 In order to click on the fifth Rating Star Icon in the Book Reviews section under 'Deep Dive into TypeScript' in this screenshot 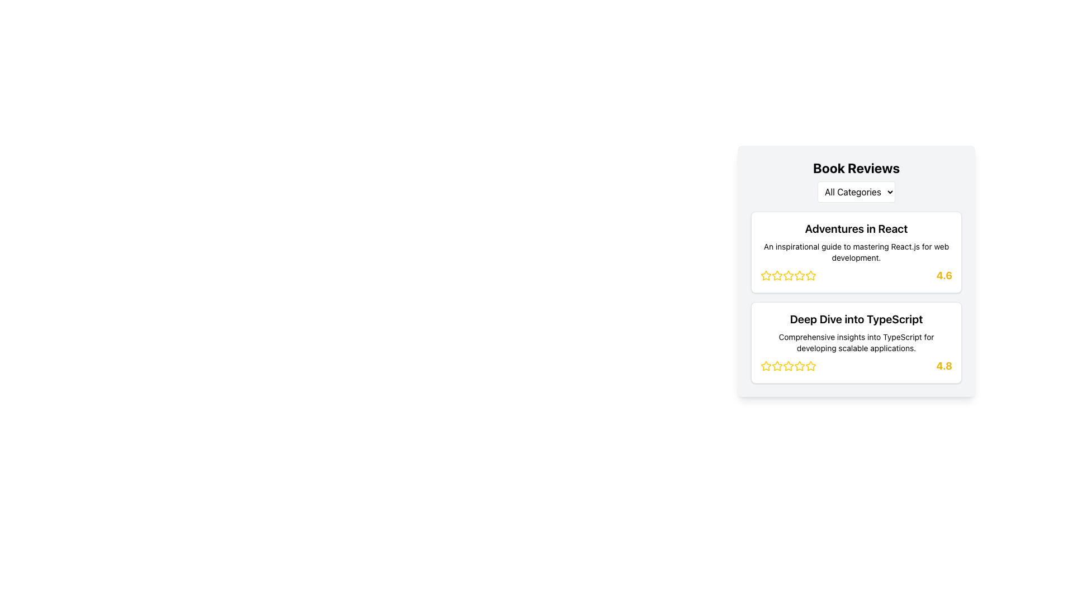, I will do `click(810, 366)`.